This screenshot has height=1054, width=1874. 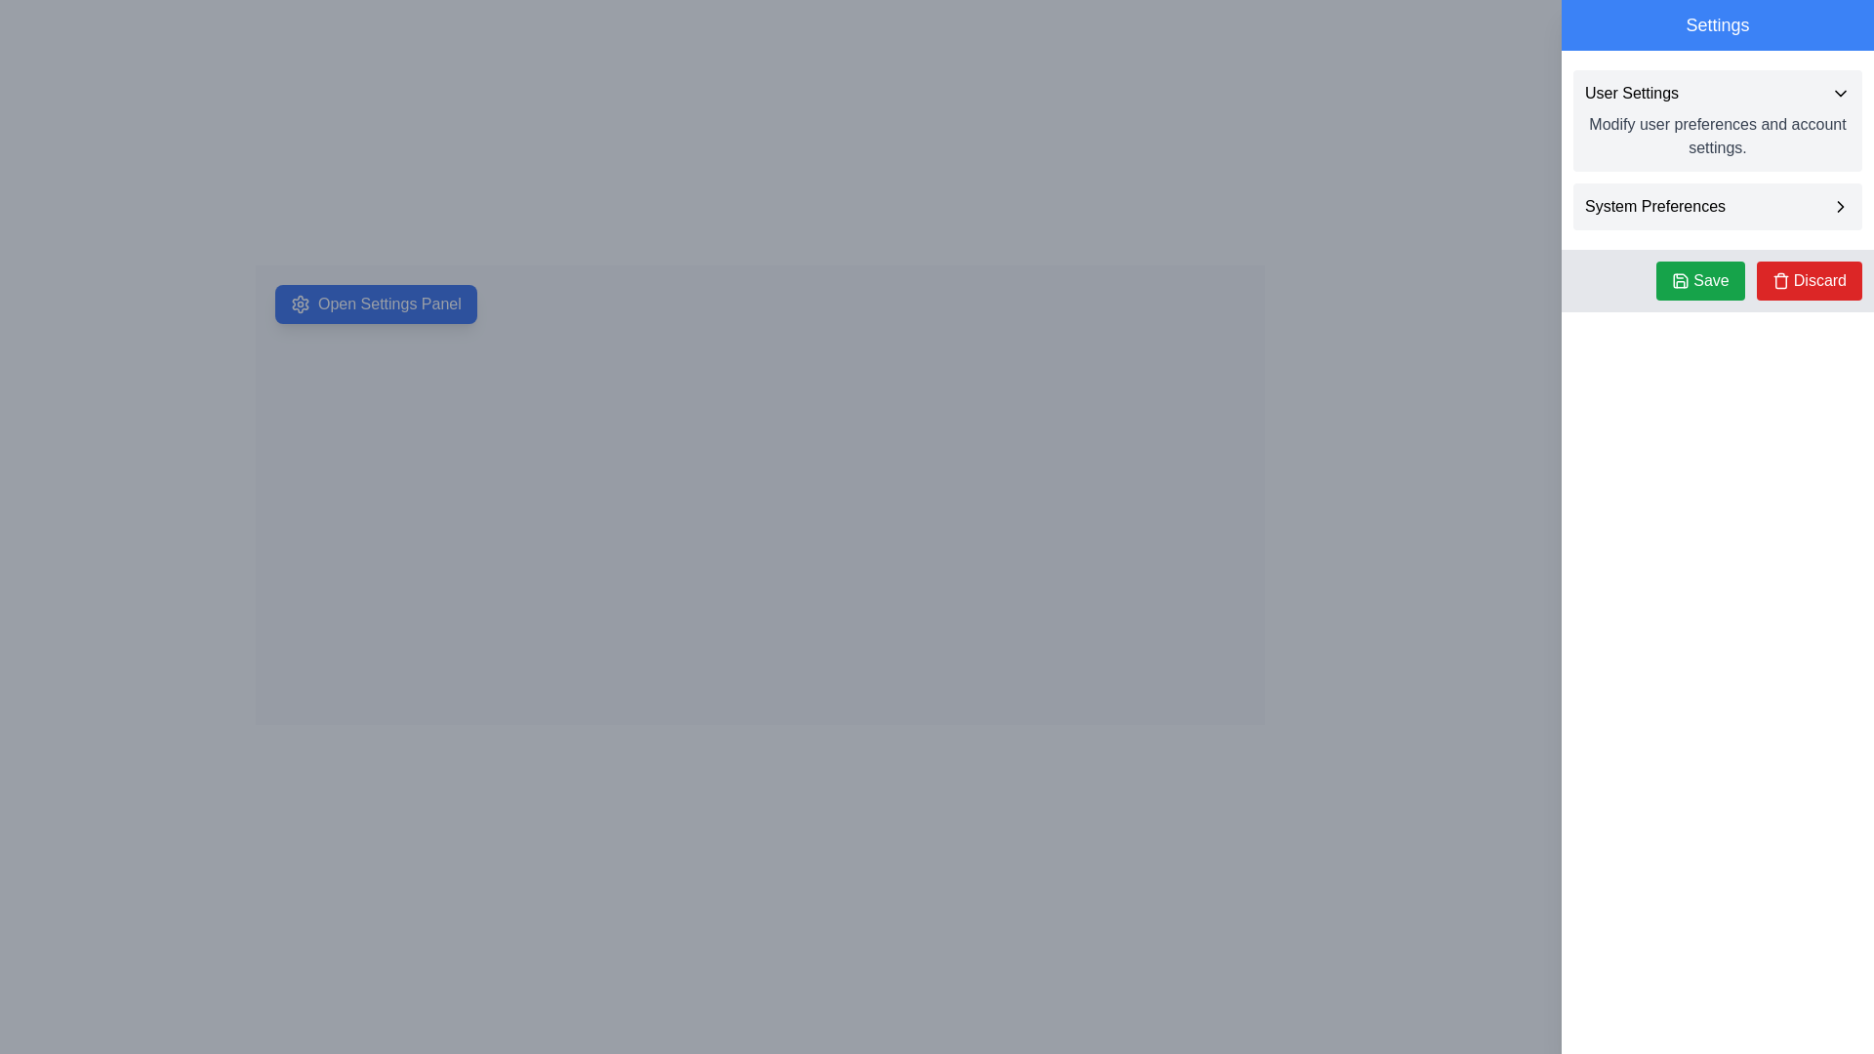 What do you see at coordinates (1653, 207) in the screenshot?
I see `the 'System Preferences' text label located in the right panel under 'User Settings'` at bounding box center [1653, 207].